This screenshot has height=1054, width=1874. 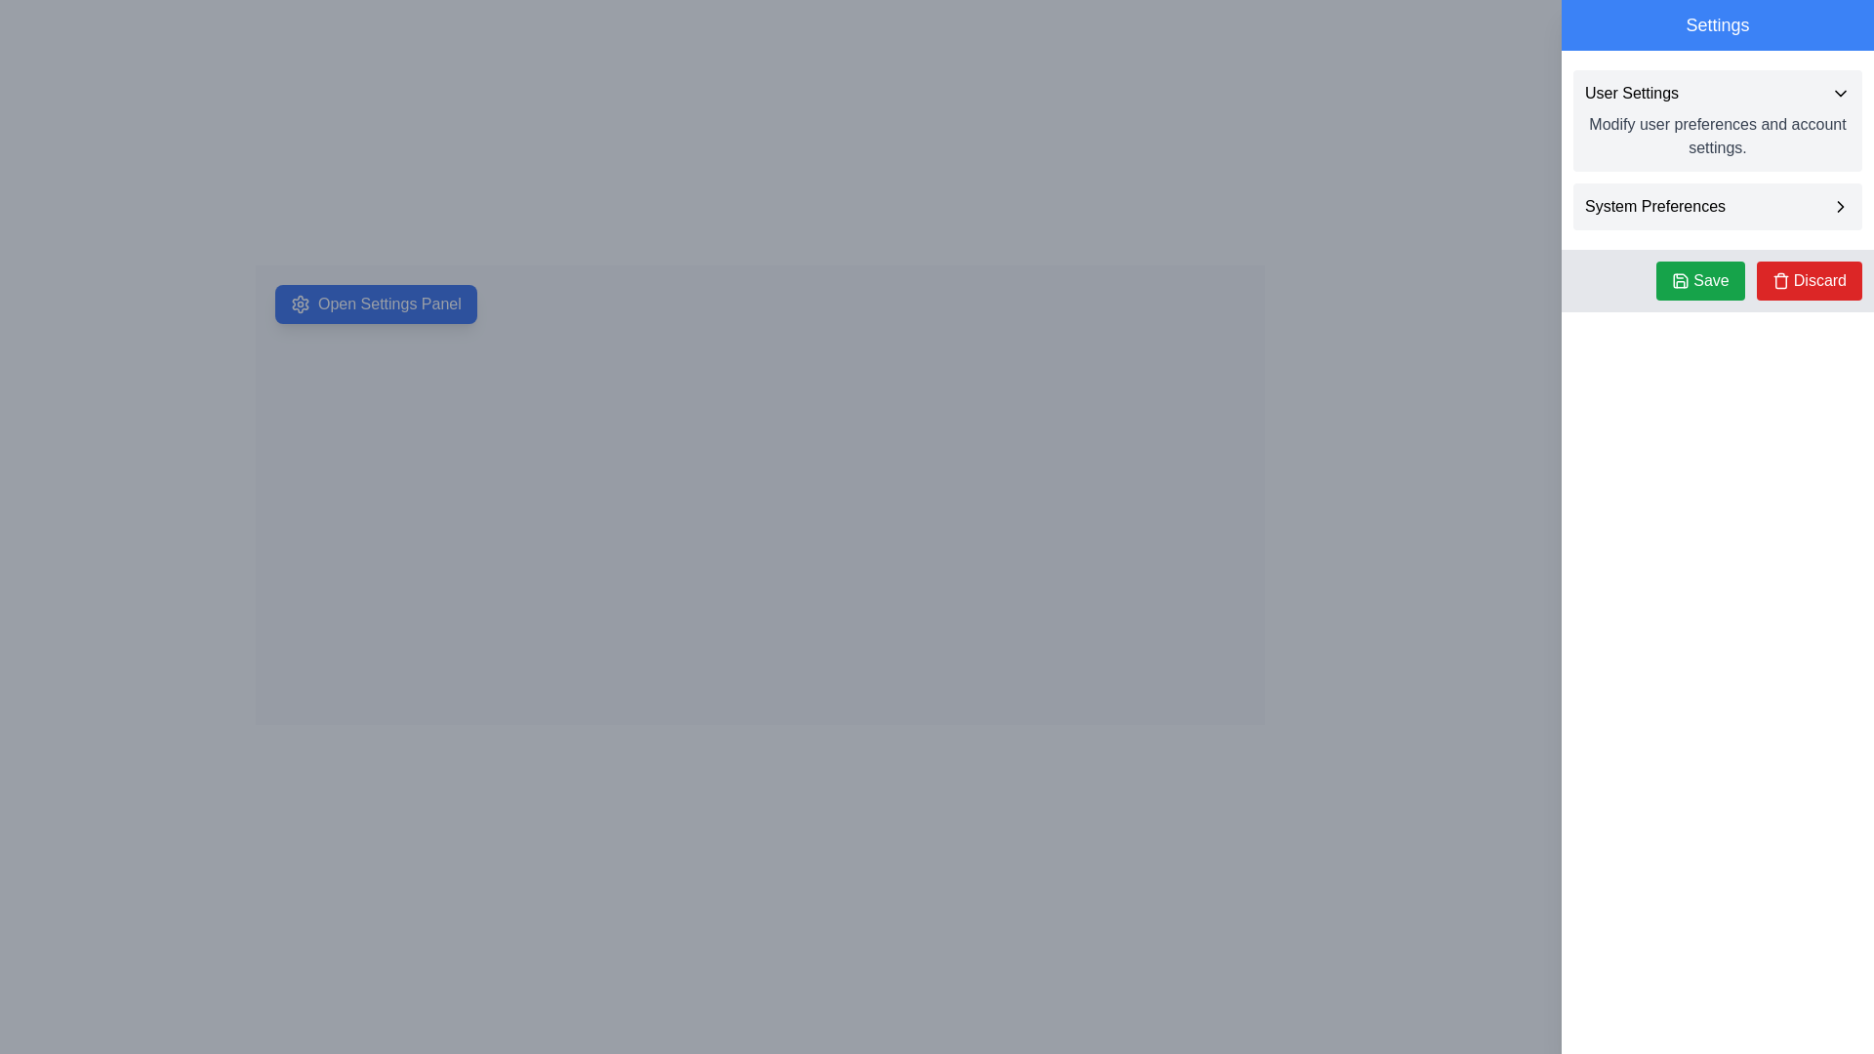 What do you see at coordinates (1653, 207) in the screenshot?
I see `the 'System Preferences' text label located in the right panel under 'User Settings'` at bounding box center [1653, 207].